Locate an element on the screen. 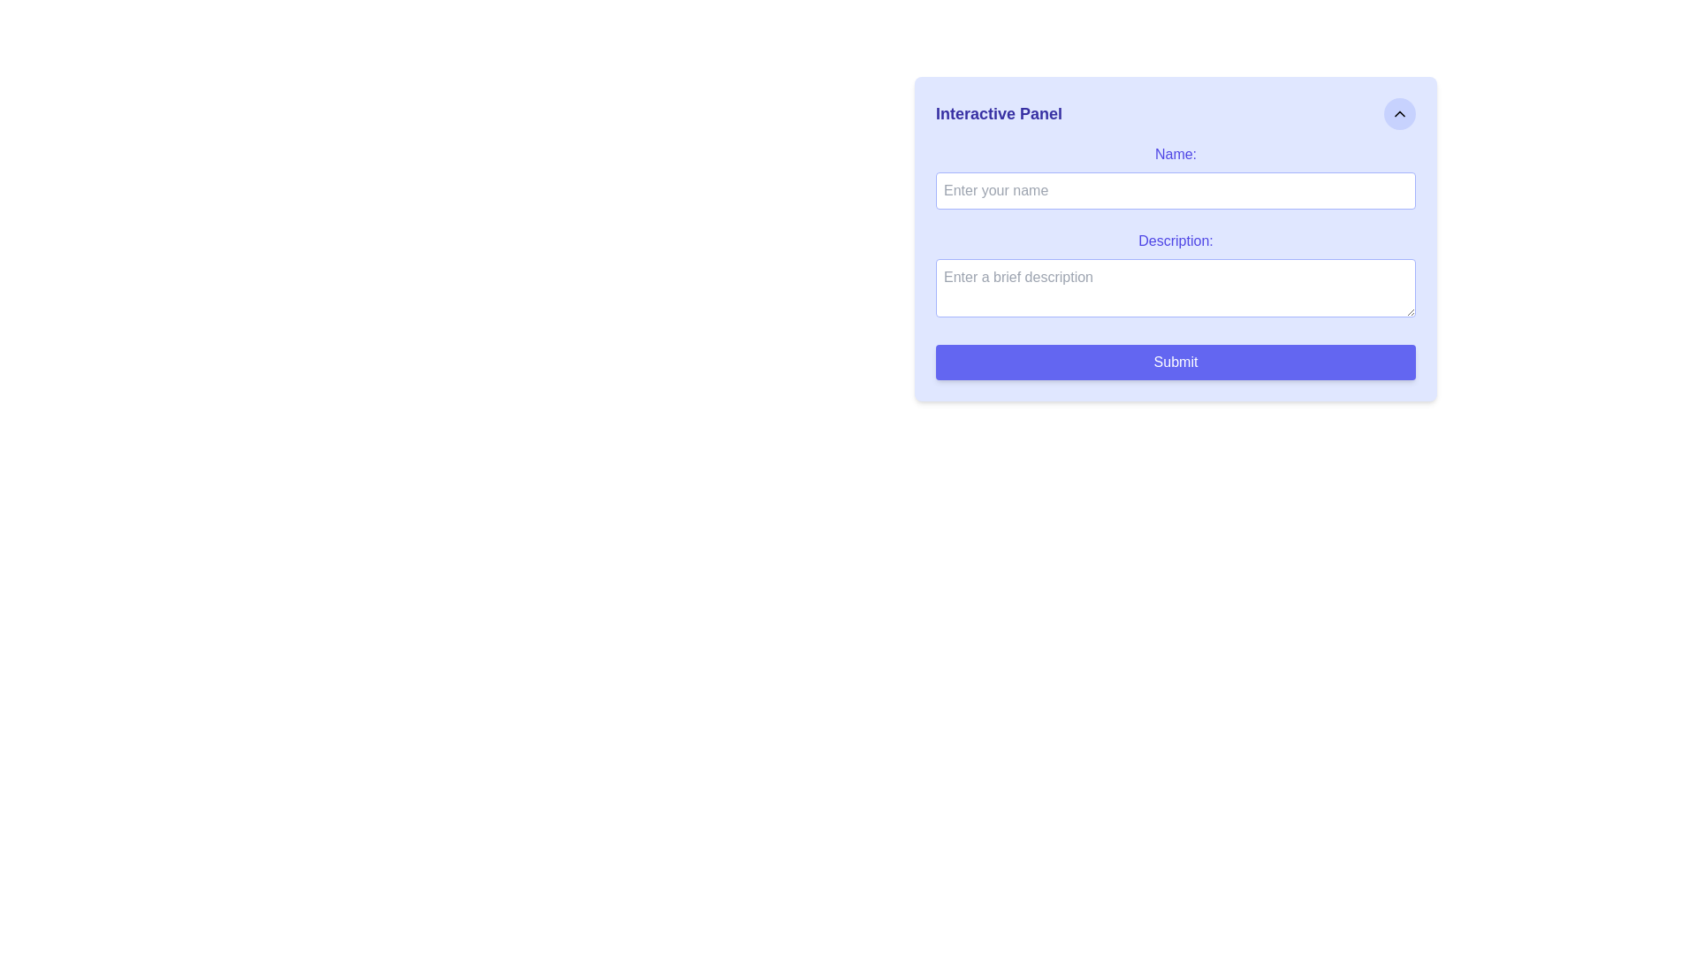  'Name:' label which is a bold text displayed in indigo color on a light blue background, positioned at the top of the form interface above the name input box is located at coordinates (1176, 153).